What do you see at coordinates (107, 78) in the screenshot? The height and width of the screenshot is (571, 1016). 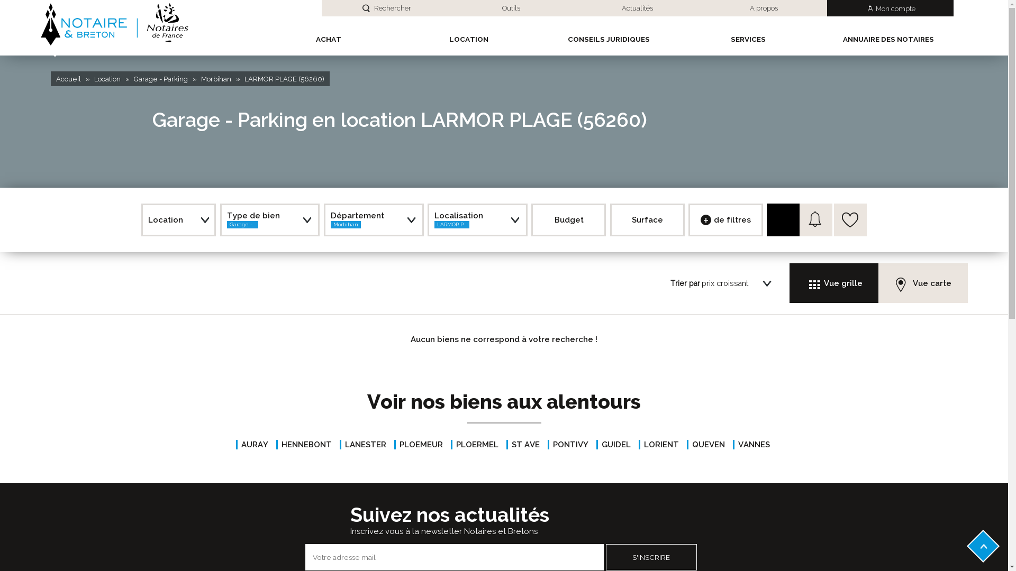 I see `'Location'` at bounding box center [107, 78].